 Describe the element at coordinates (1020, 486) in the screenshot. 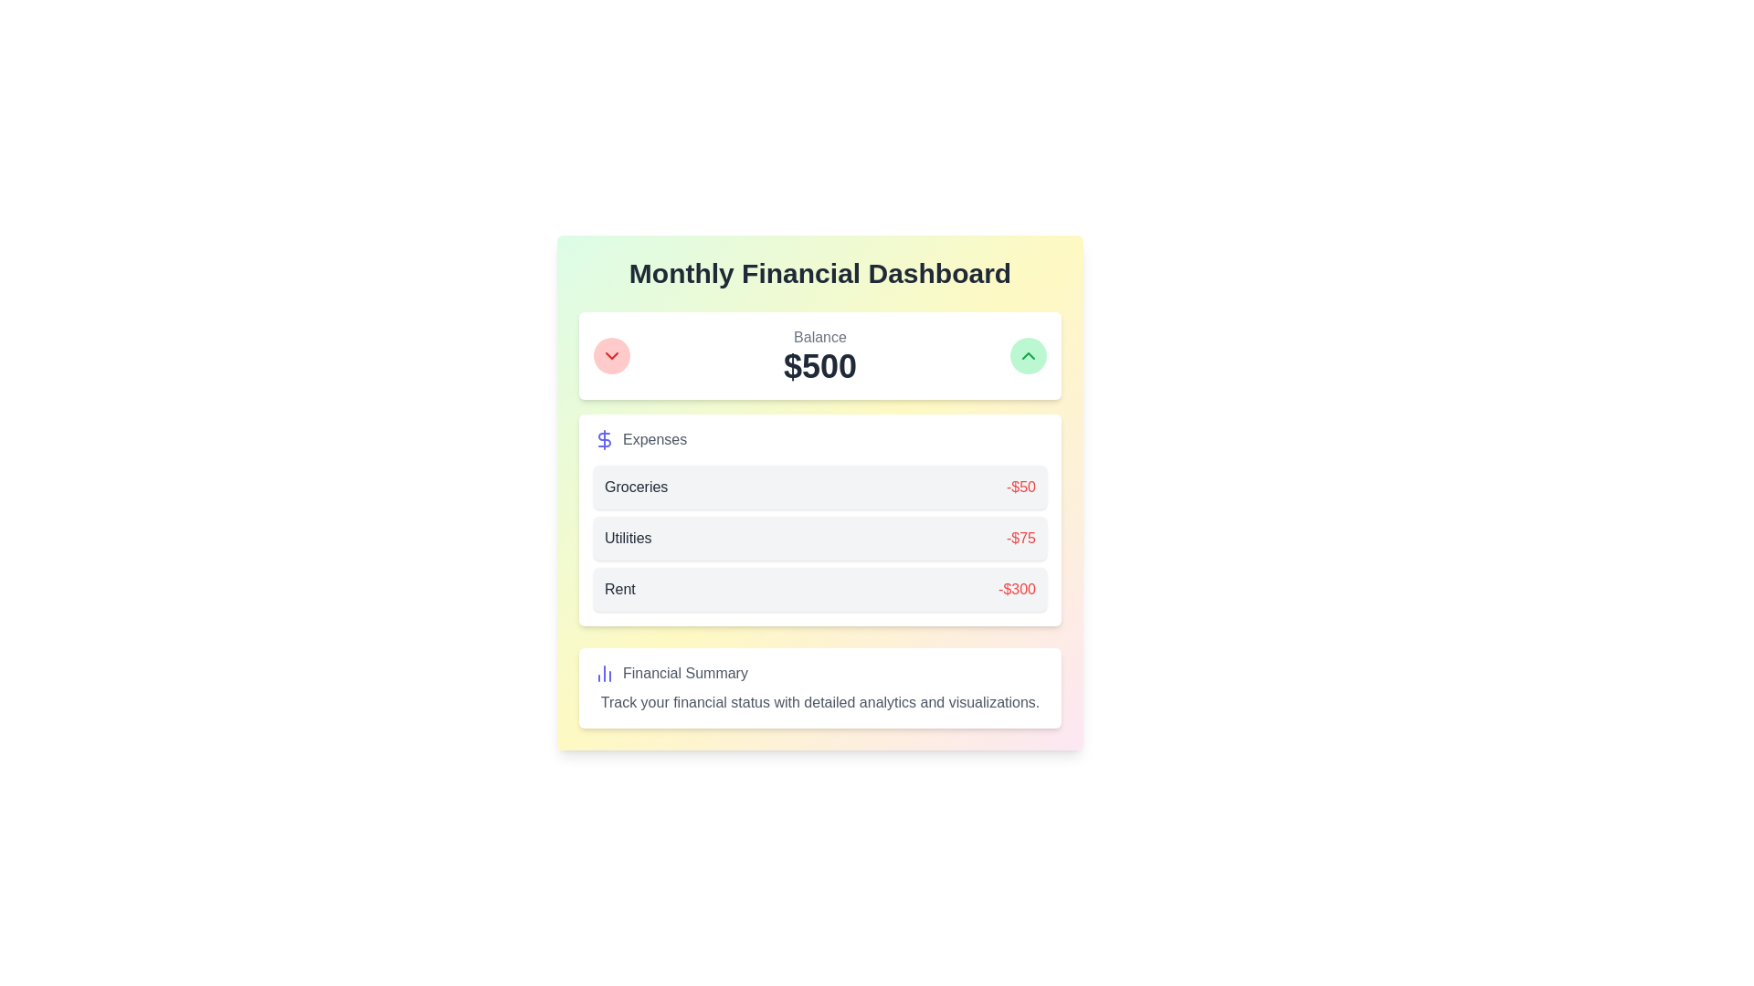

I see `the text label displaying '-$50' in bold red font, which is located on the right side of the 'Groceries' card within the expenses section` at that location.